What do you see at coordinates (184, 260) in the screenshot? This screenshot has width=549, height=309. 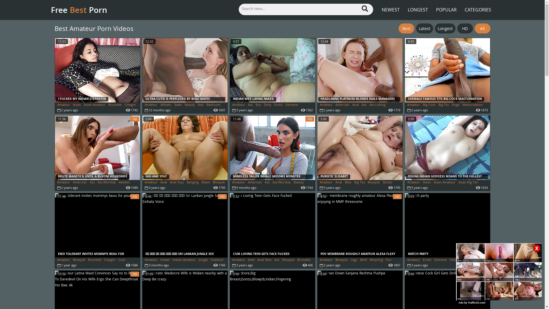 I see `'Indian Amateur'` at bounding box center [184, 260].